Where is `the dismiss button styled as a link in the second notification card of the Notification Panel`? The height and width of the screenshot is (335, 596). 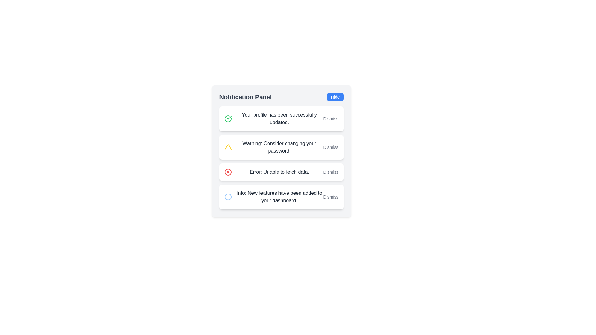
the dismiss button styled as a link in the second notification card of the Notification Panel is located at coordinates (330, 147).